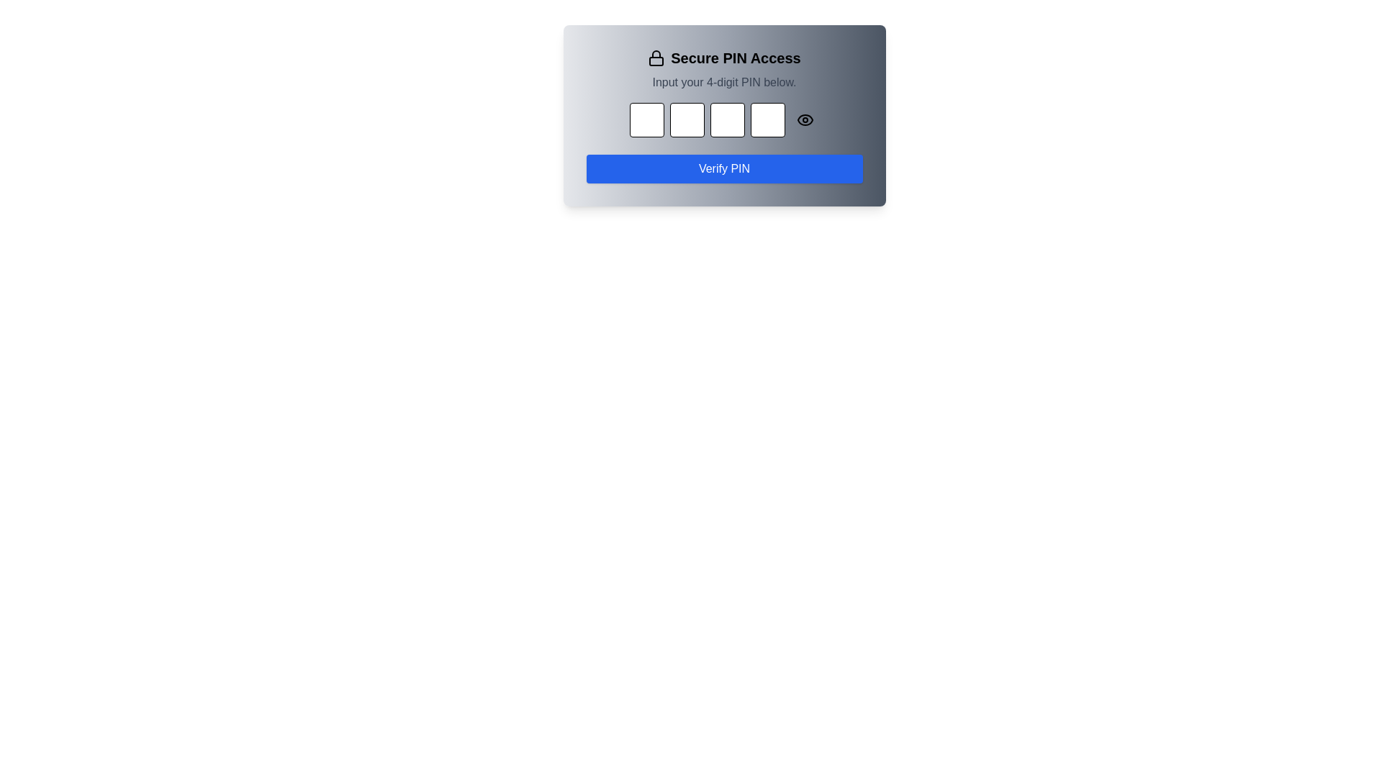  Describe the element at coordinates (656, 60) in the screenshot. I see `the small rectangular shape with rounded corners that forms the bottom part of the lock icon next to 'Secure PIN Access'` at that location.